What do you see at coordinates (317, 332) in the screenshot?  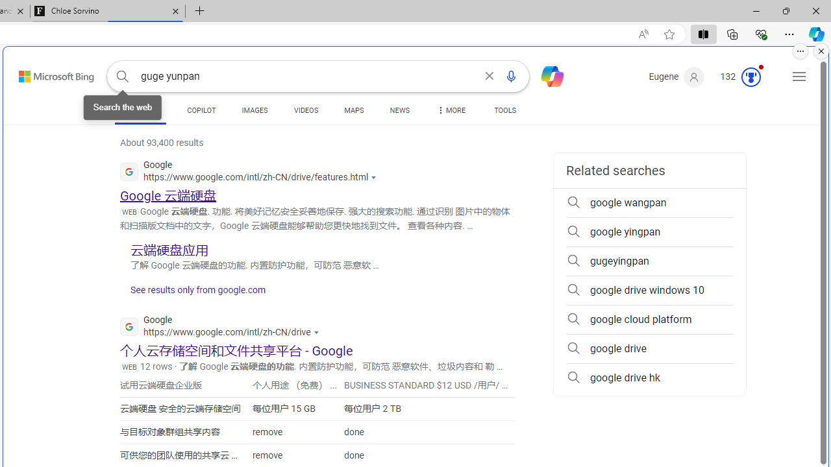 I see `'Actions for this site'` at bounding box center [317, 332].